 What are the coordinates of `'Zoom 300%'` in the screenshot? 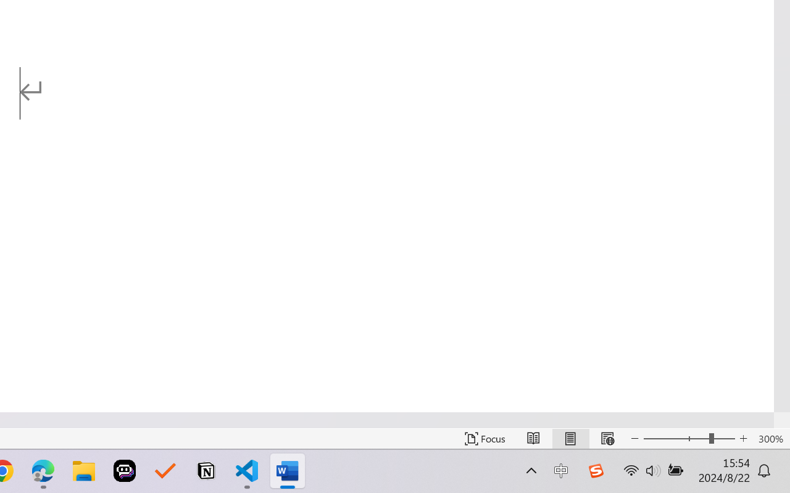 It's located at (770, 438).